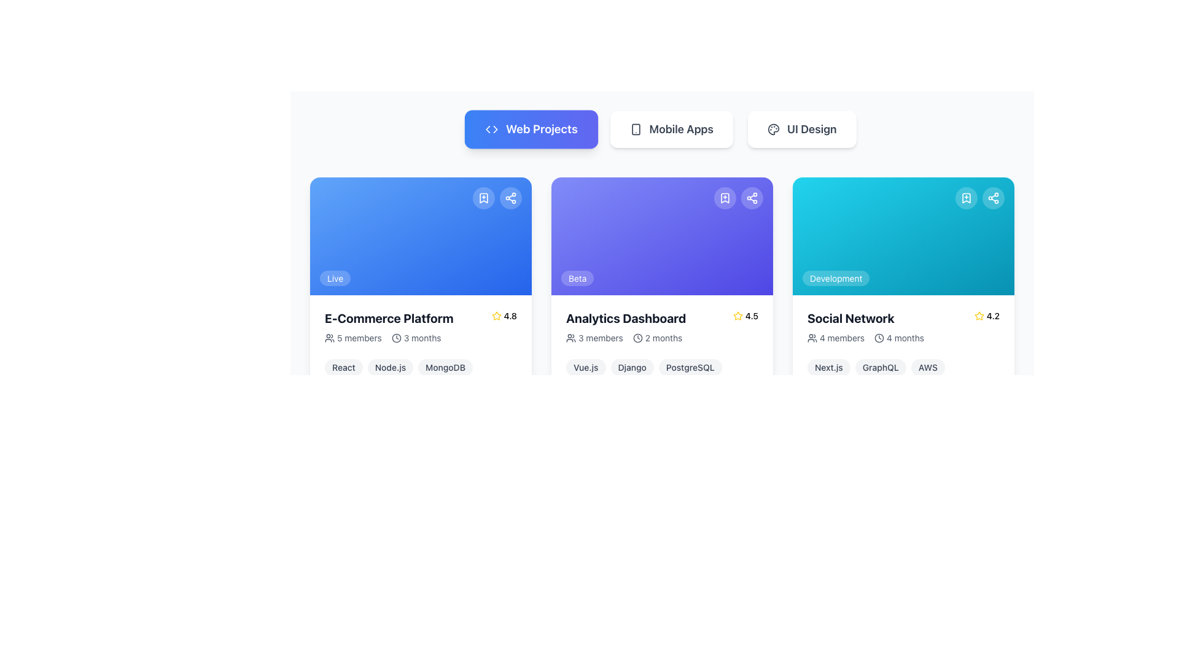 The image size is (1179, 663). What do you see at coordinates (987, 316) in the screenshot?
I see `the Rating display widget, which features a yellow star icon and the text '4.2', located in the top-right corner of the 'Social Network' card` at bounding box center [987, 316].